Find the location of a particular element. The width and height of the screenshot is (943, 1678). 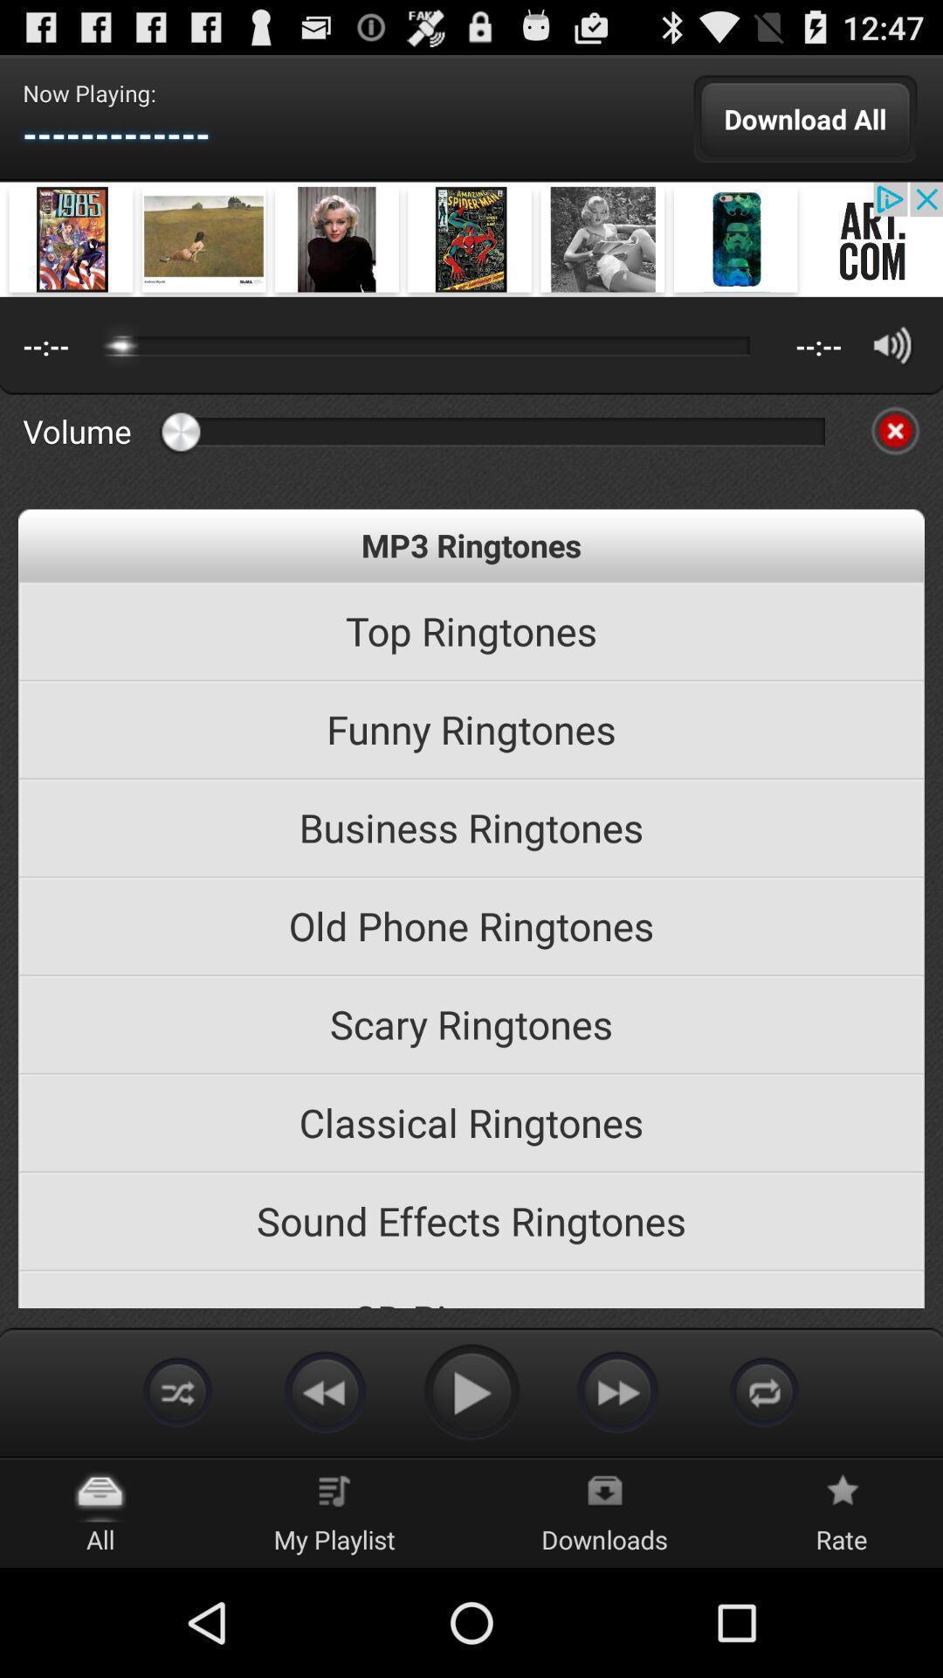

shuffle is located at coordinates (178, 1390).